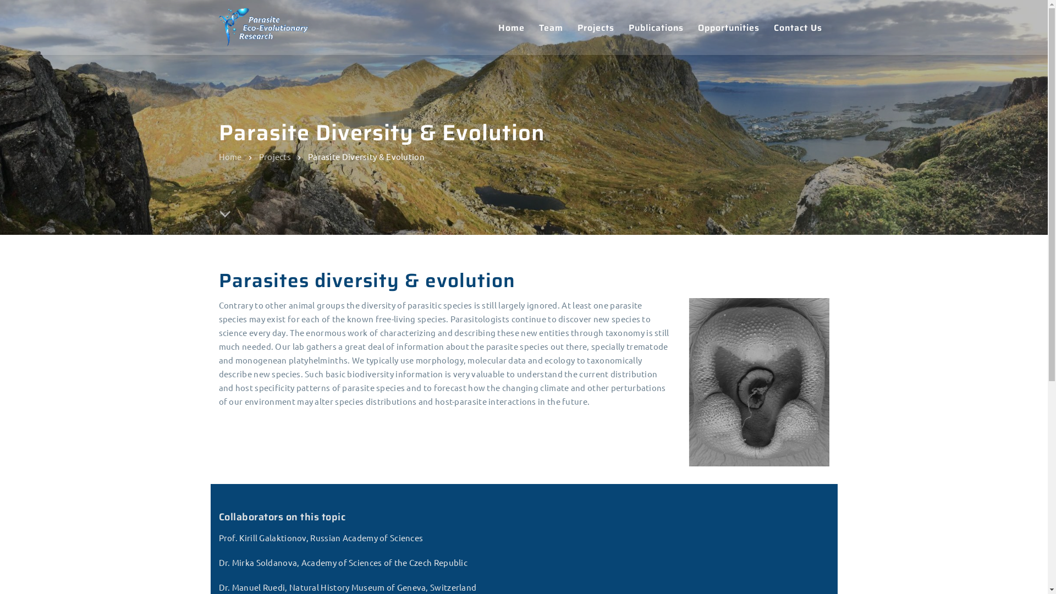  Describe the element at coordinates (728, 27) in the screenshot. I see `'Opportunities'` at that location.